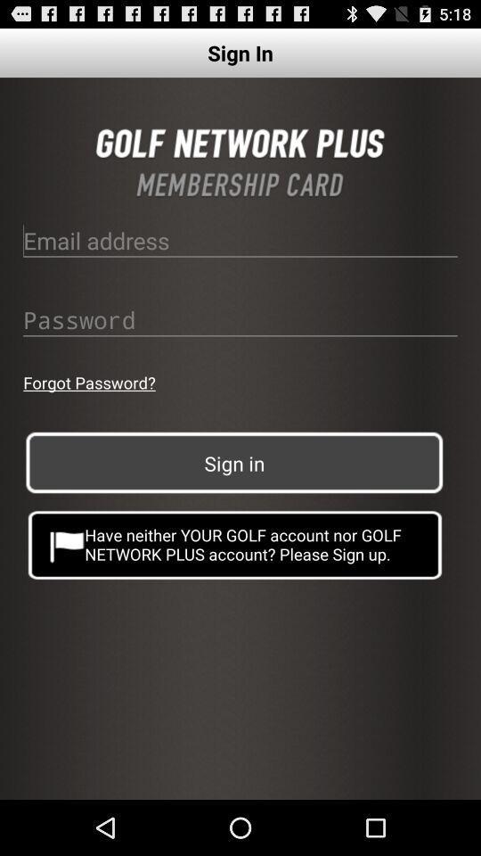 The height and width of the screenshot is (856, 481). I want to click on the button below the sign in item, so click(235, 543).